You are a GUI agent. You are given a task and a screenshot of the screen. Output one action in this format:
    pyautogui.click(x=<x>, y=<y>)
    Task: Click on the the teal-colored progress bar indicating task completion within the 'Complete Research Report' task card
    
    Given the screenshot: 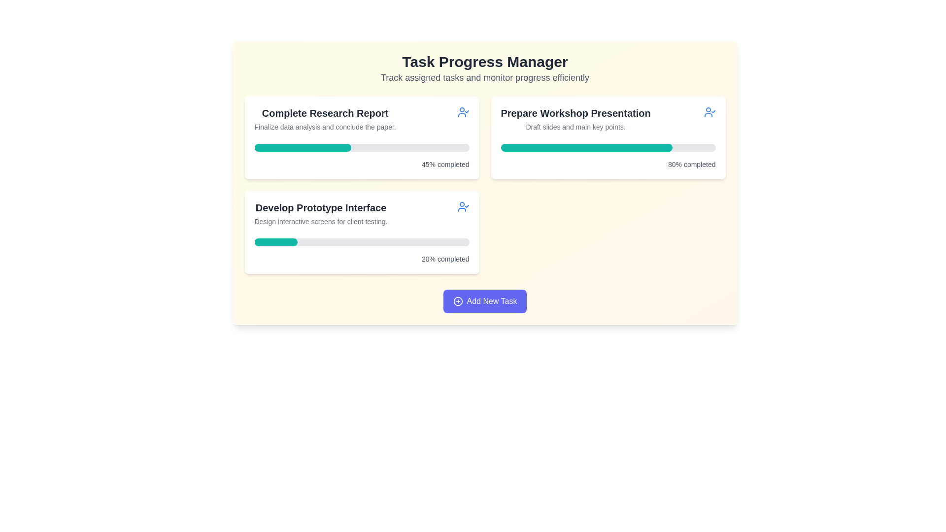 What is the action you would take?
    pyautogui.click(x=302, y=148)
    